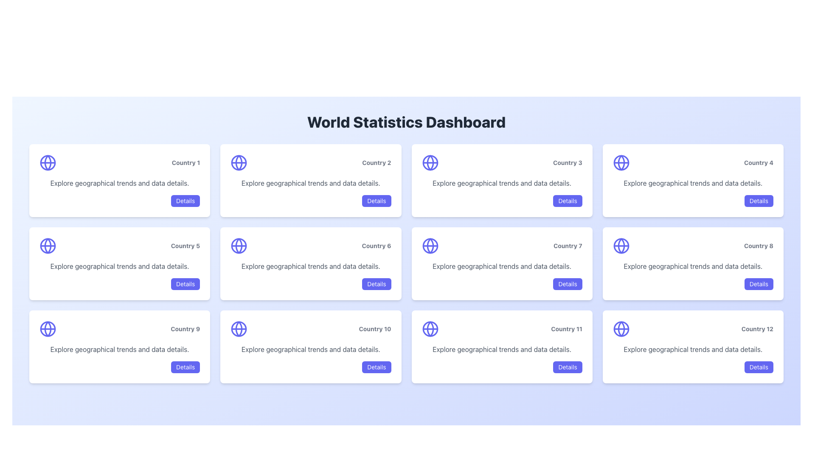 The height and width of the screenshot is (458, 815). I want to click on the globe icon representing geographic information located in the second row and first column of the grid layout, above the text for 'Country 5', so click(48, 246).